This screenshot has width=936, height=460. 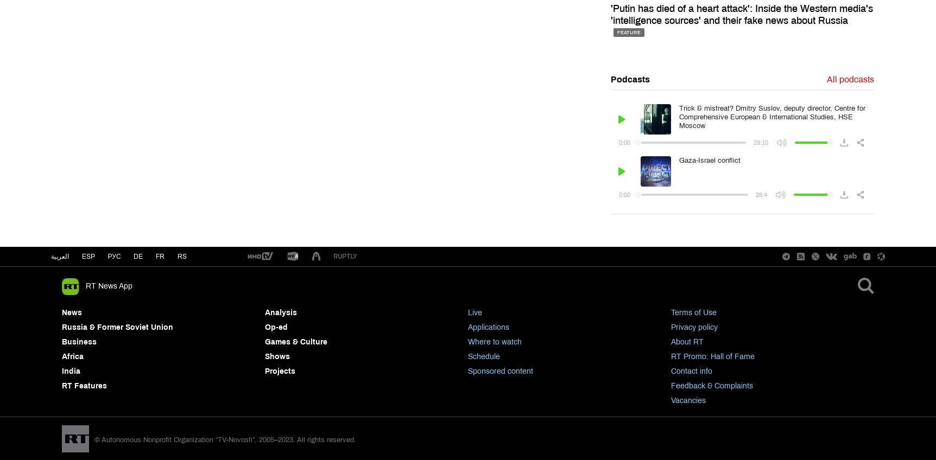 I want to click on 'Africa', so click(x=72, y=356).